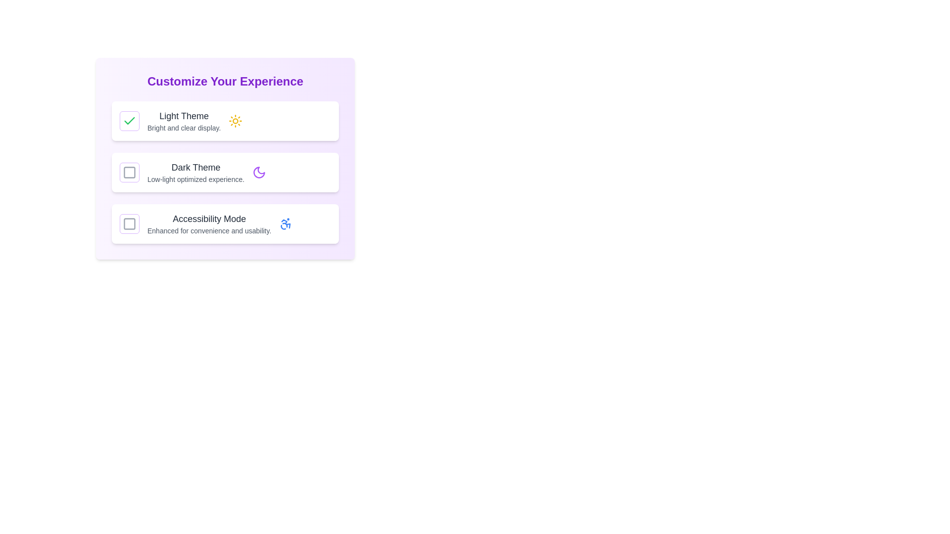 Image resolution: width=950 pixels, height=534 pixels. Describe the element at coordinates (259, 172) in the screenshot. I see `the purple moon icon located next to the 'Dark Theme' text within the middle card` at that location.